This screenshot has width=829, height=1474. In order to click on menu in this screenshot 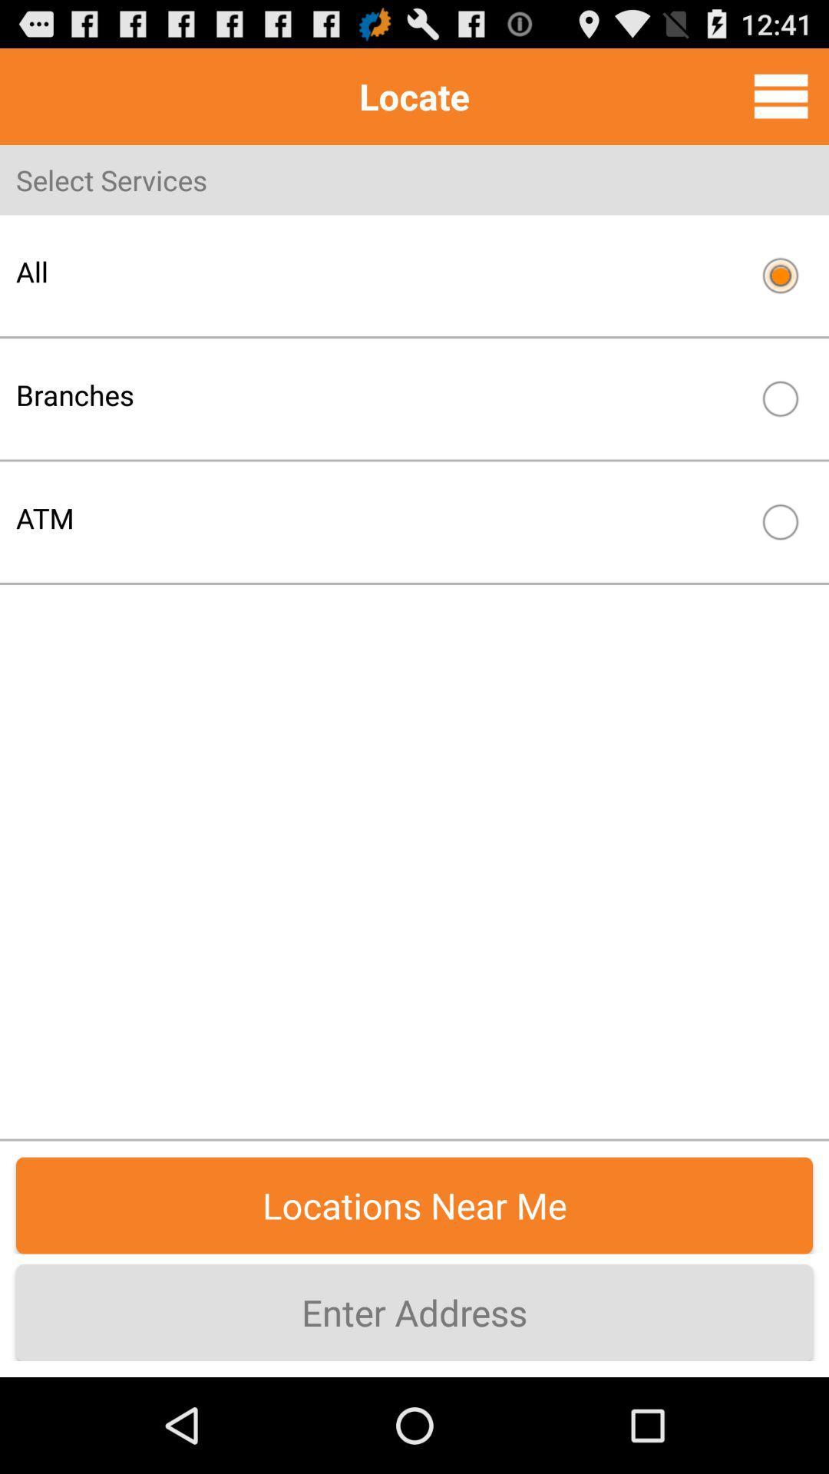, I will do `click(781, 95)`.